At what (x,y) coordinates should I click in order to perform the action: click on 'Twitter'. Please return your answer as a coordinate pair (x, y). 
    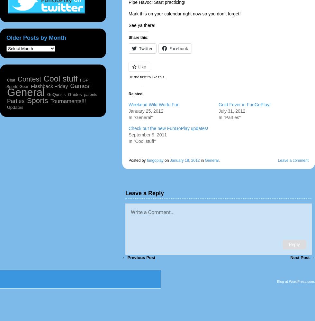
    Looking at the image, I should click on (146, 48).